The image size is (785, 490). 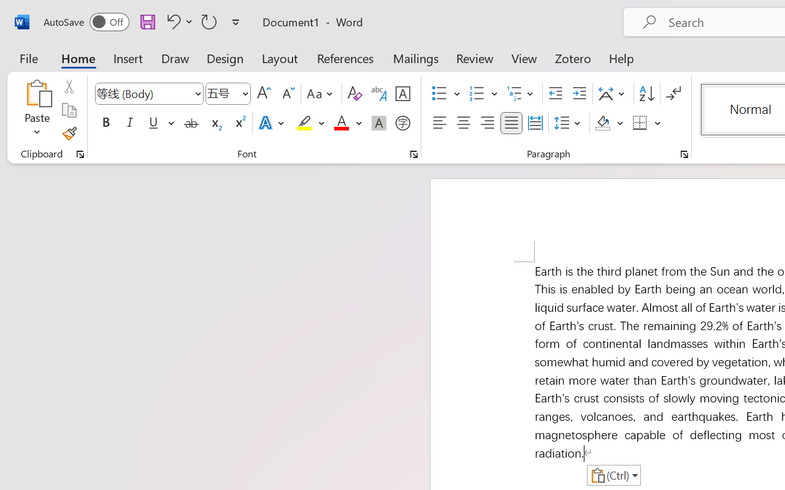 What do you see at coordinates (378, 94) in the screenshot?
I see `'Phonetic Guide...'` at bounding box center [378, 94].